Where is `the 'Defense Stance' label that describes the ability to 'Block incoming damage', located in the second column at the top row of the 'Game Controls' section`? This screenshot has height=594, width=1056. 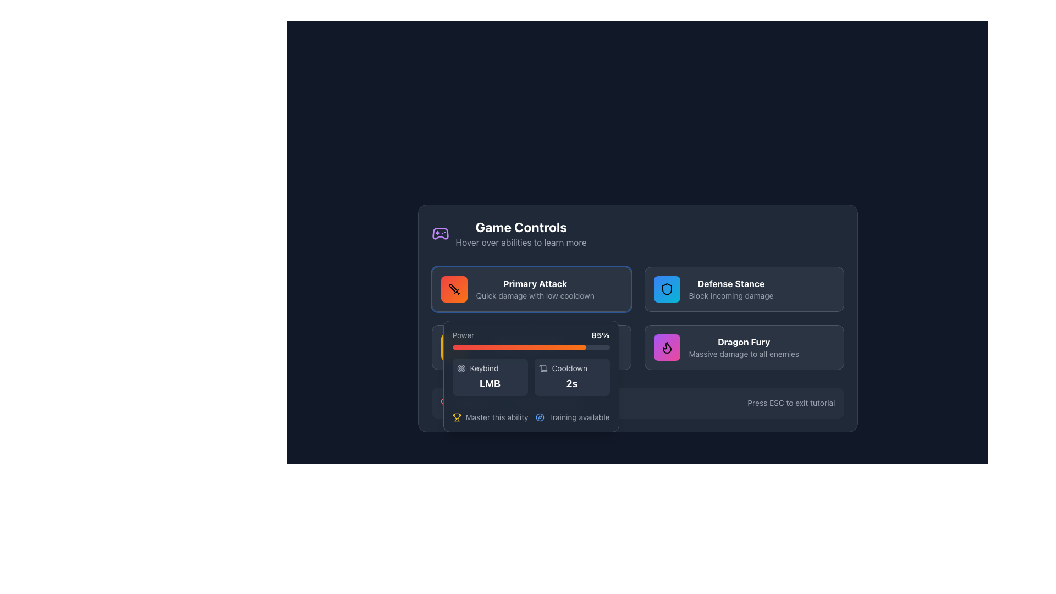 the 'Defense Stance' label that describes the ability to 'Block incoming damage', located in the second column at the top row of the 'Game Controls' section is located at coordinates (731, 288).